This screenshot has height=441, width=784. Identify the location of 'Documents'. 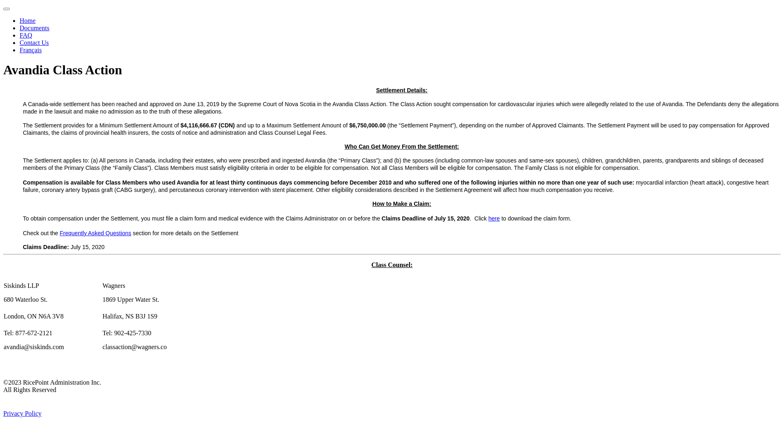
(34, 27).